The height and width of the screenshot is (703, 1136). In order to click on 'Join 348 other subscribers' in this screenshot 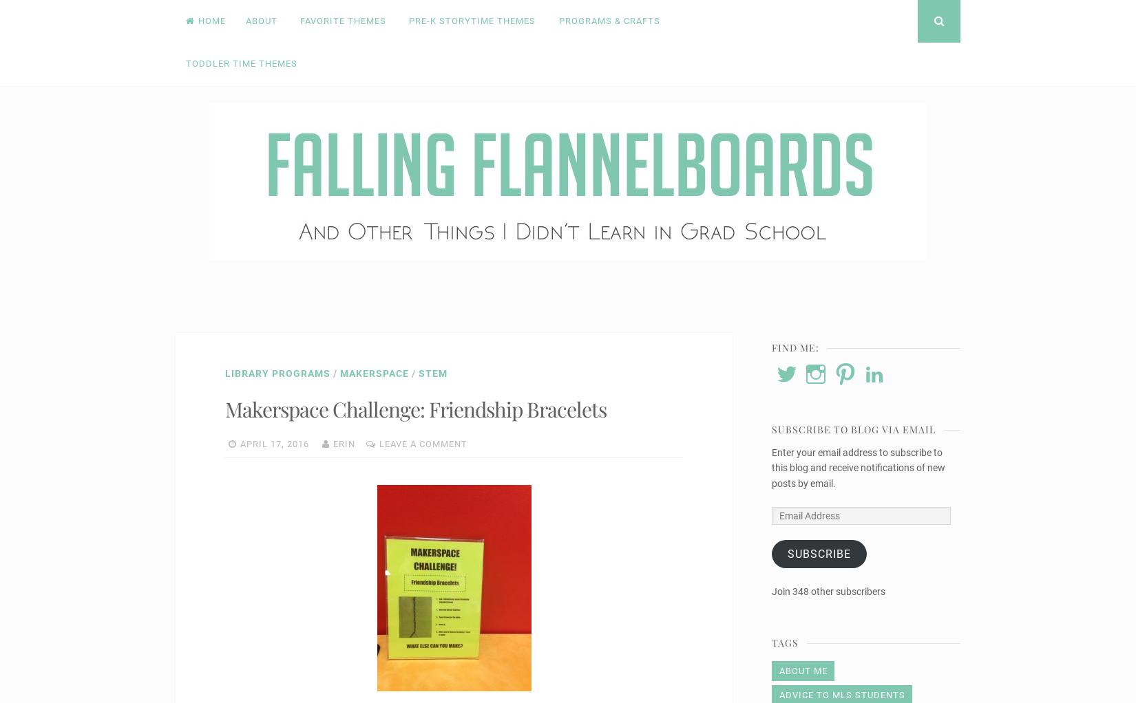, I will do `click(772, 590)`.